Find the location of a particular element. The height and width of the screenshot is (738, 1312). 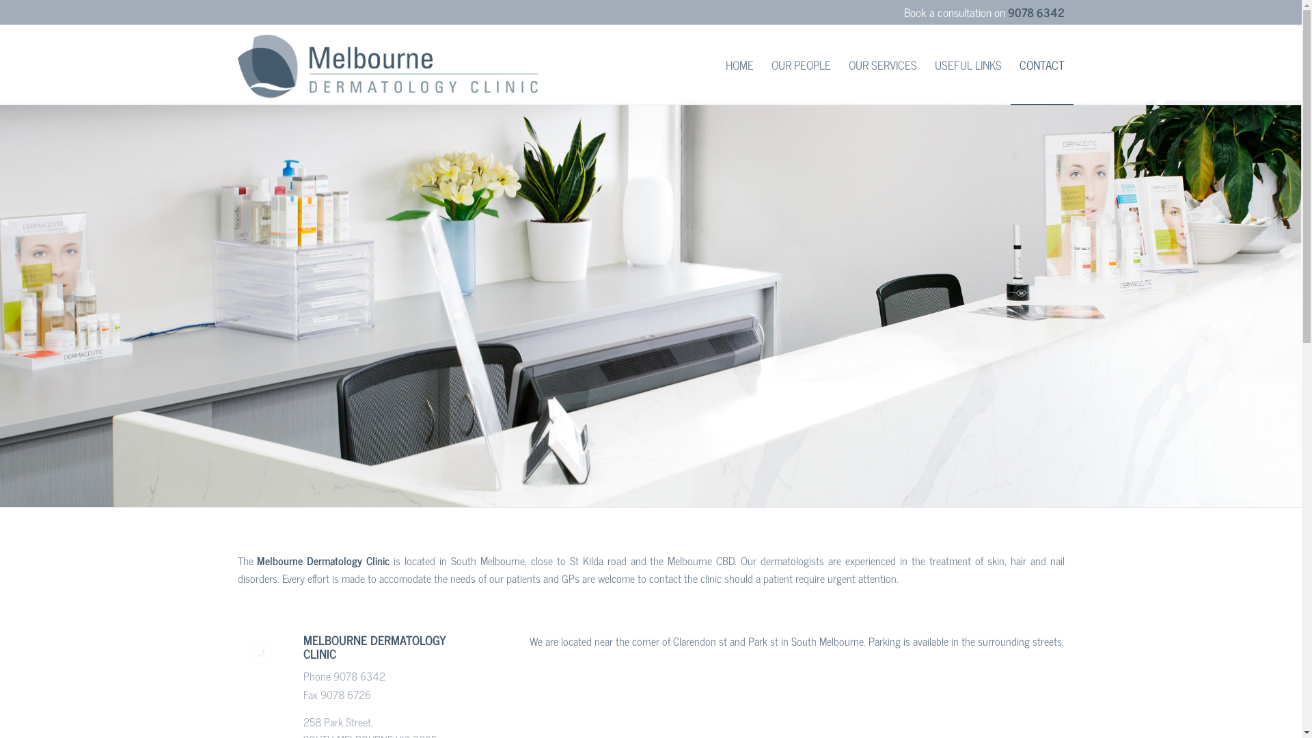

'USEFUL LINKS' is located at coordinates (925, 65).